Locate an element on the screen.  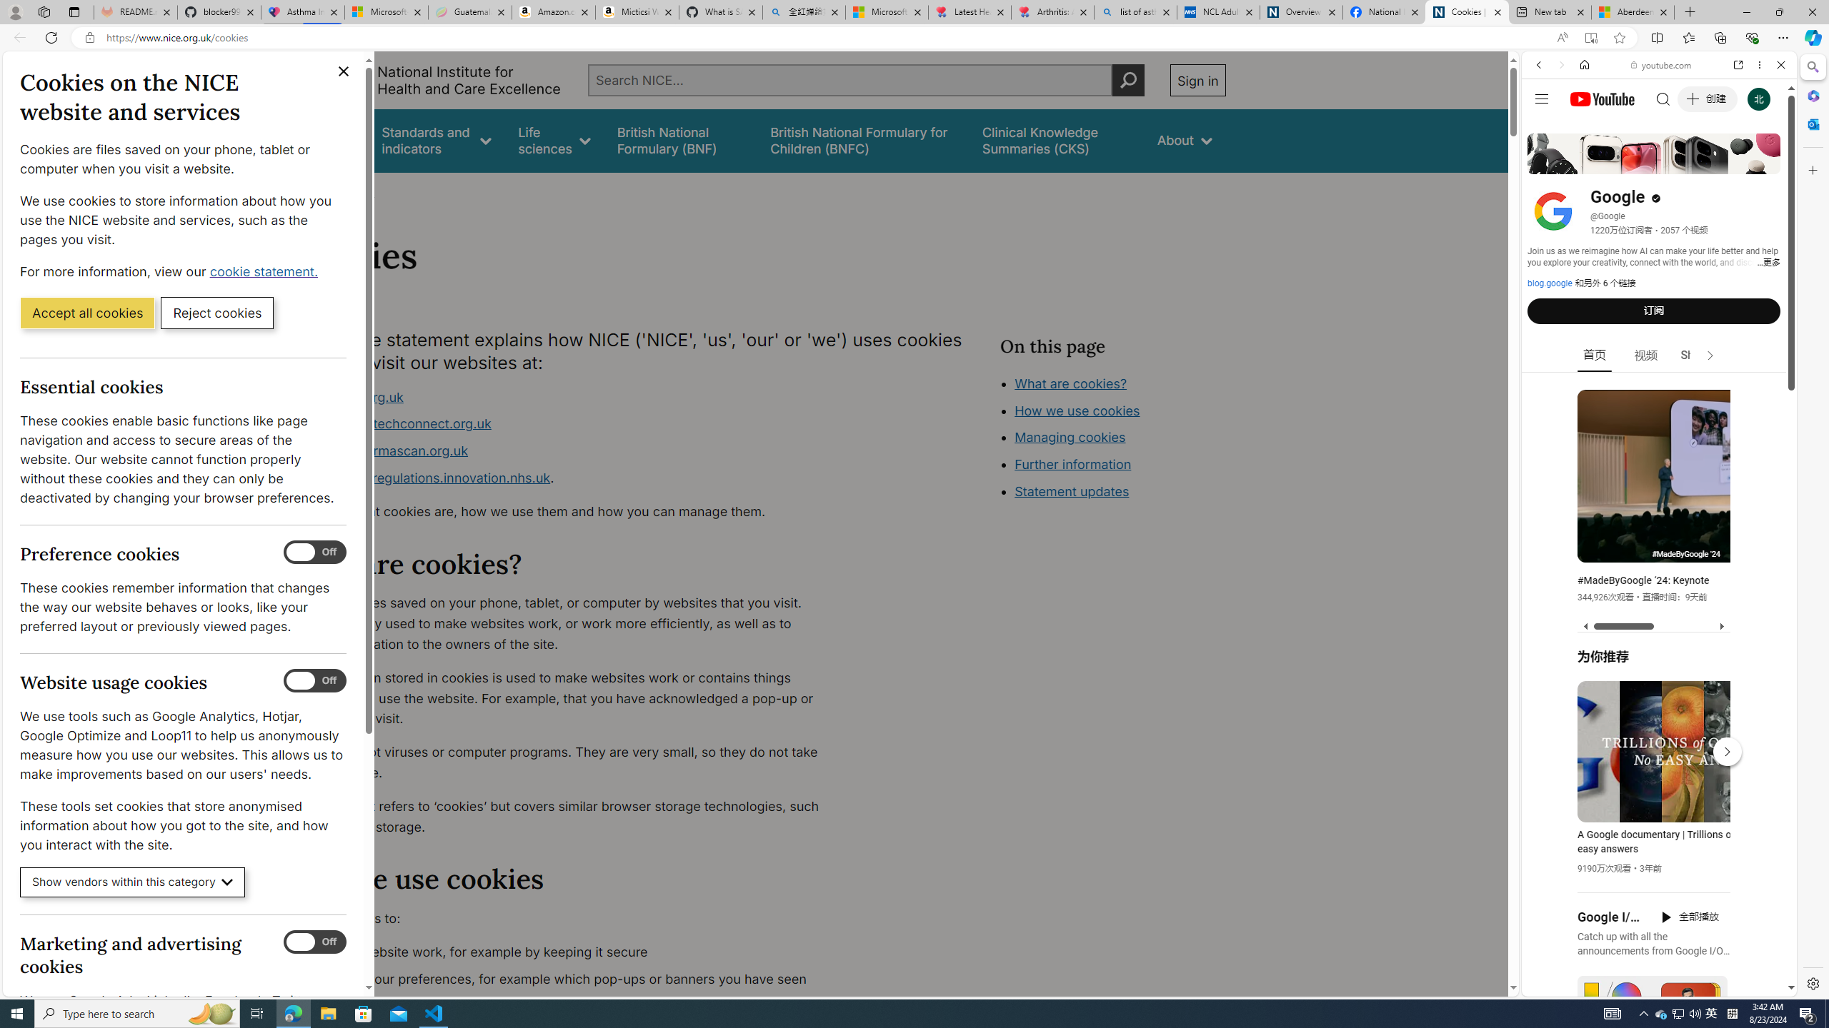
'NCL Adult Asthma Inhaler Choice Guideline' is located at coordinates (1217, 11).